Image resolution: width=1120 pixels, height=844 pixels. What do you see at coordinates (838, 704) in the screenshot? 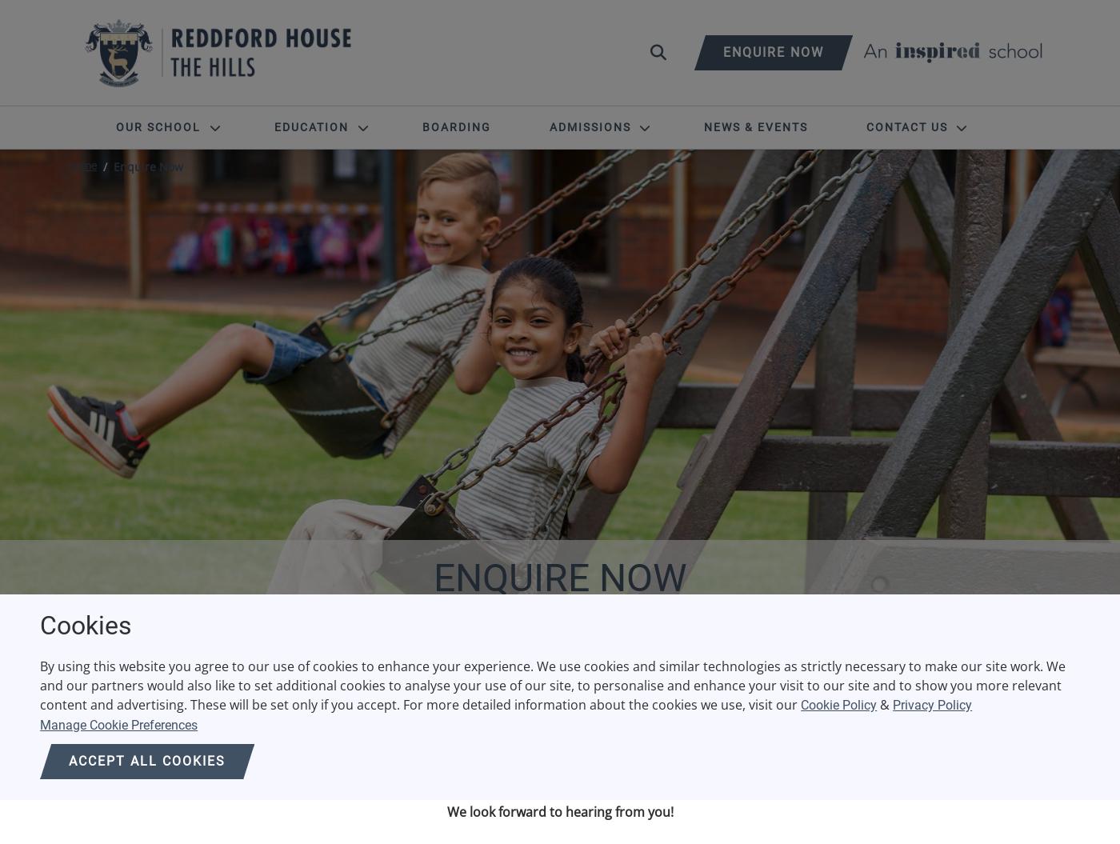
I see `'Cookie Policy'` at bounding box center [838, 704].